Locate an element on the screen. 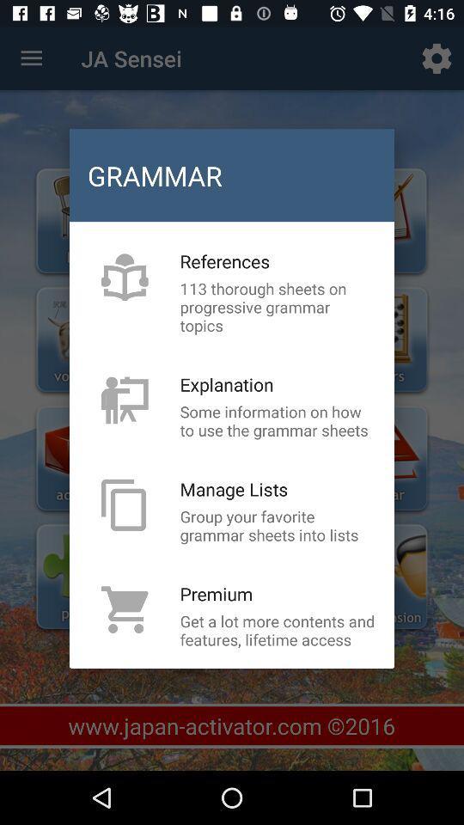 The width and height of the screenshot is (464, 825). item below group your favorite is located at coordinates (217, 594).